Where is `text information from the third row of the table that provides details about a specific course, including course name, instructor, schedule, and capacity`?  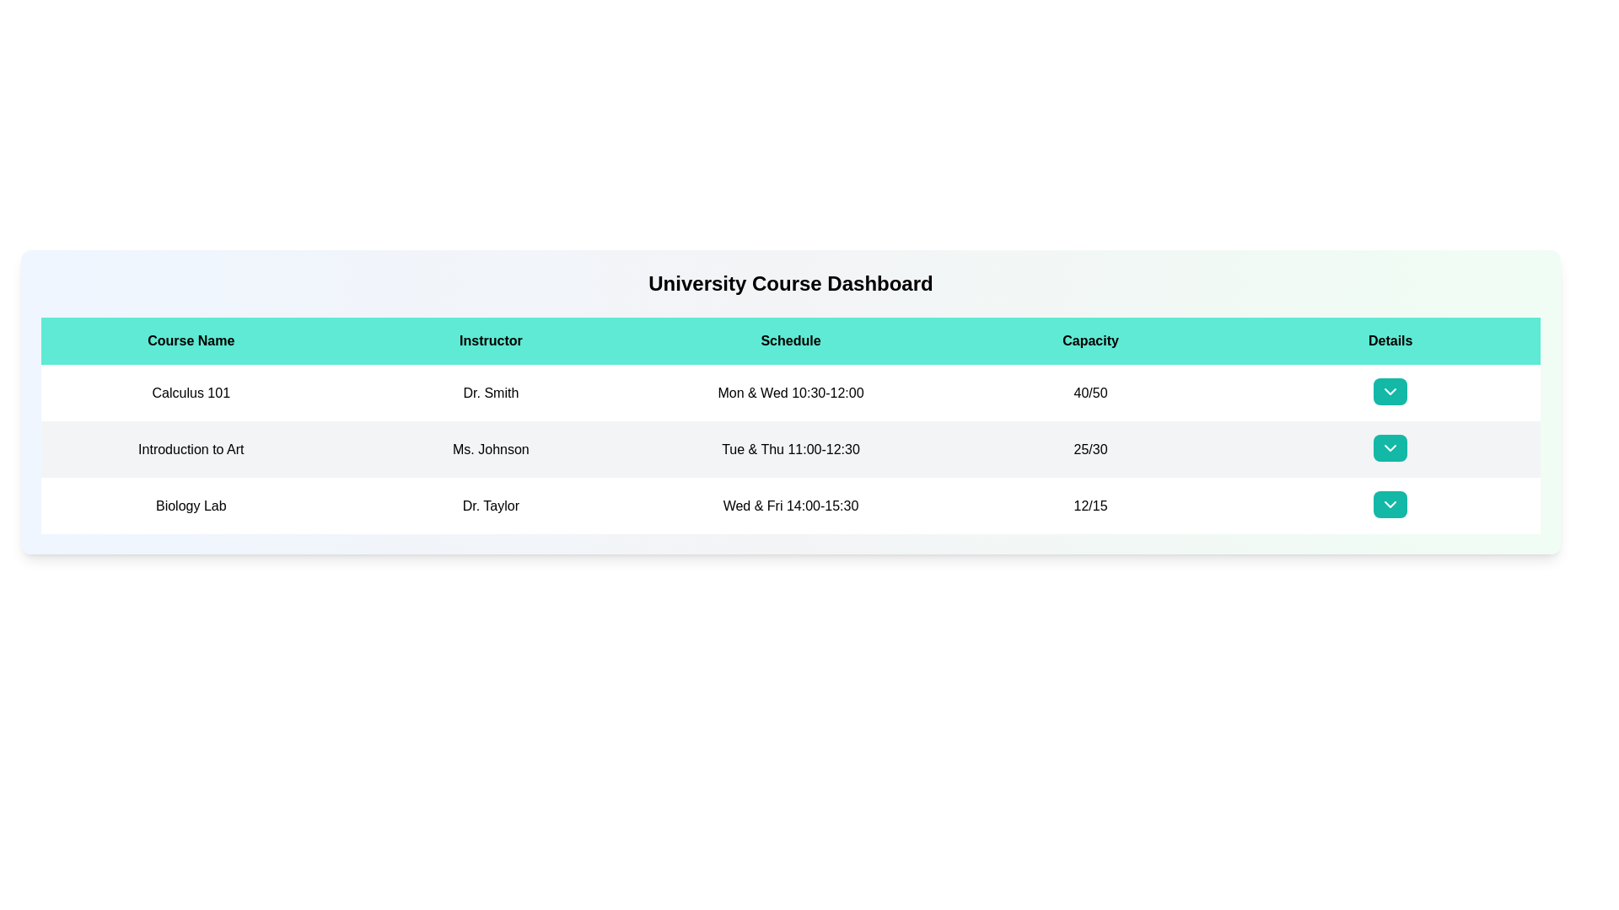
text information from the third row of the table that provides details about a specific course, including course name, instructor, schedule, and capacity is located at coordinates (789, 505).